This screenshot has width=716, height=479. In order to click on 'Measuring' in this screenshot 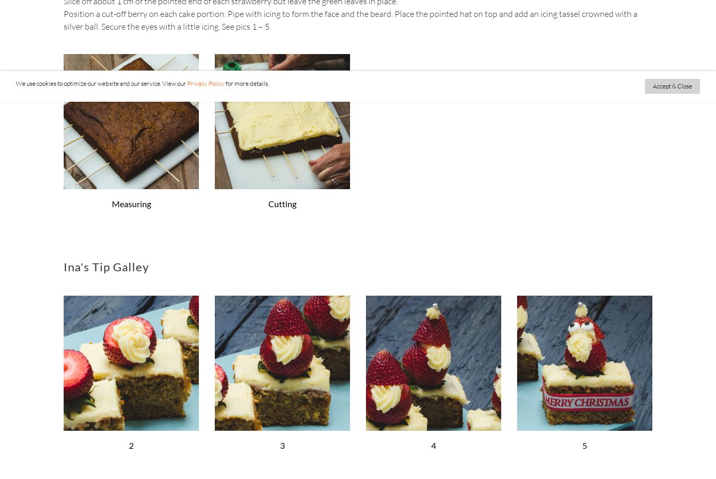, I will do `click(130, 202)`.